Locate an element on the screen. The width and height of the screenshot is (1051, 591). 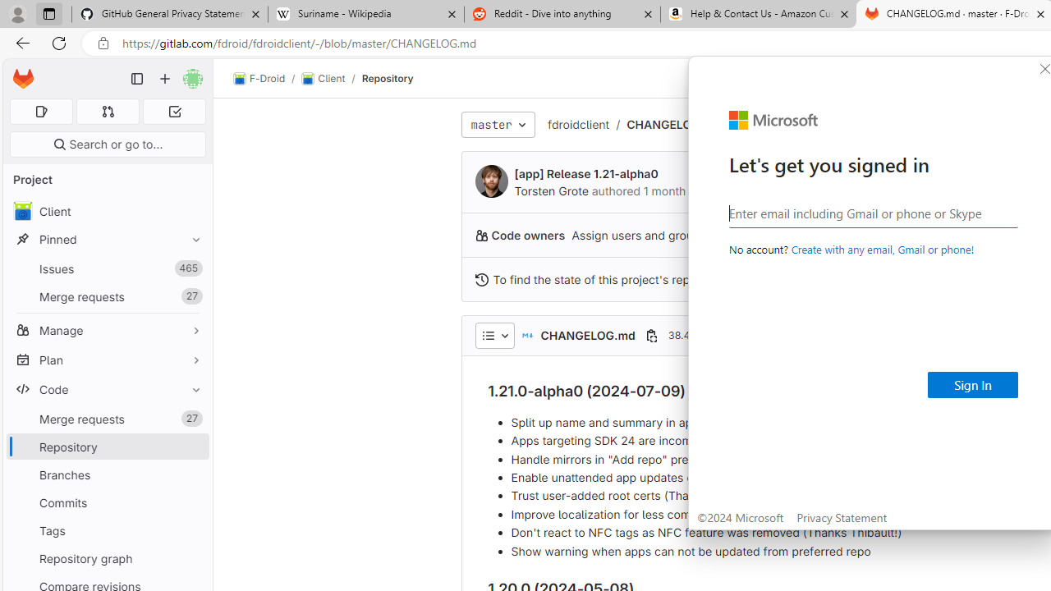
'Pin Tags' is located at coordinates (192, 530).